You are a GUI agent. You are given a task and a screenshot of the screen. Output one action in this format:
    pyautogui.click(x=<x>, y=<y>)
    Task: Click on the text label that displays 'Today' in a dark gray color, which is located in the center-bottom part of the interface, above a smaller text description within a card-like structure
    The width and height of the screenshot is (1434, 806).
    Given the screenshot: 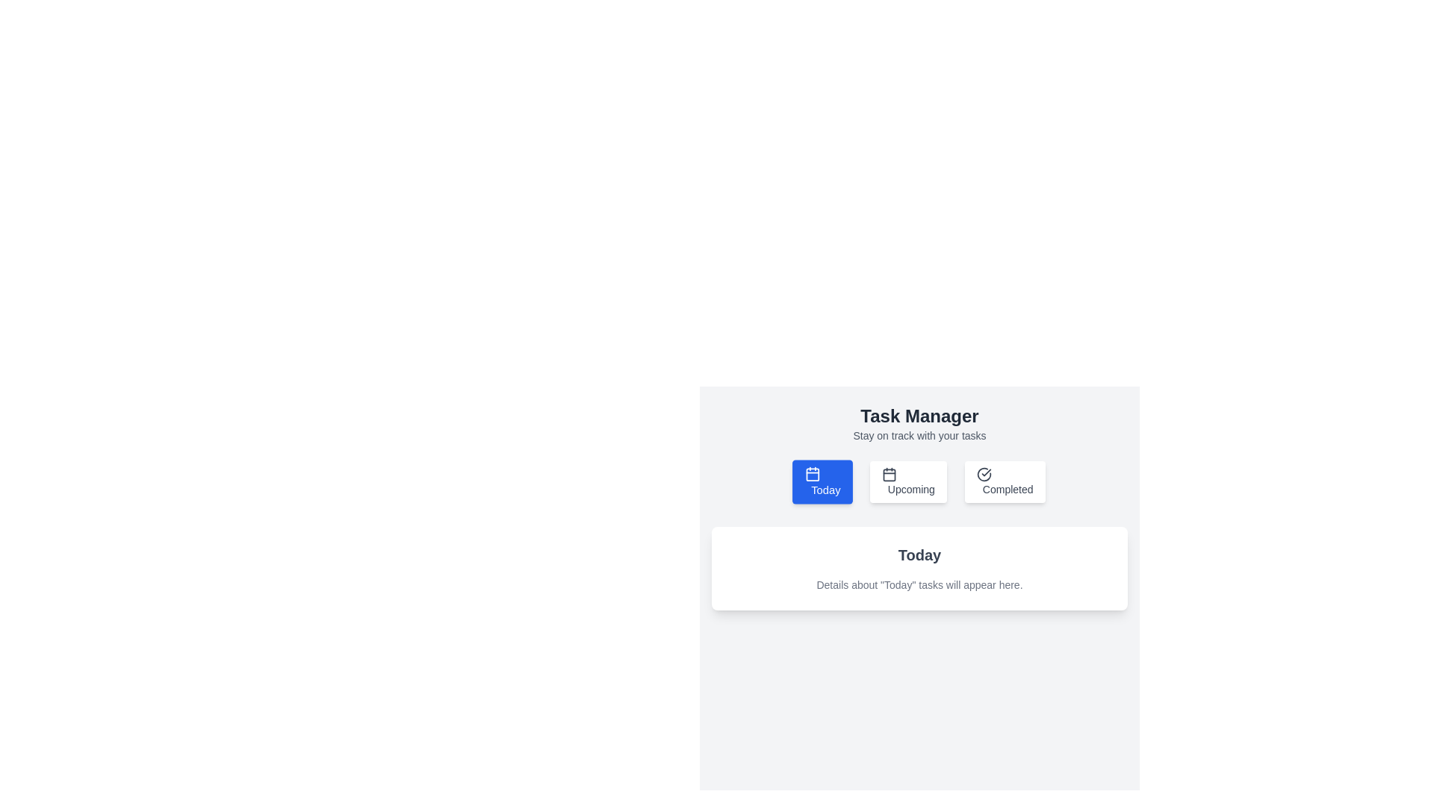 What is the action you would take?
    pyautogui.click(x=919, y=555)
    